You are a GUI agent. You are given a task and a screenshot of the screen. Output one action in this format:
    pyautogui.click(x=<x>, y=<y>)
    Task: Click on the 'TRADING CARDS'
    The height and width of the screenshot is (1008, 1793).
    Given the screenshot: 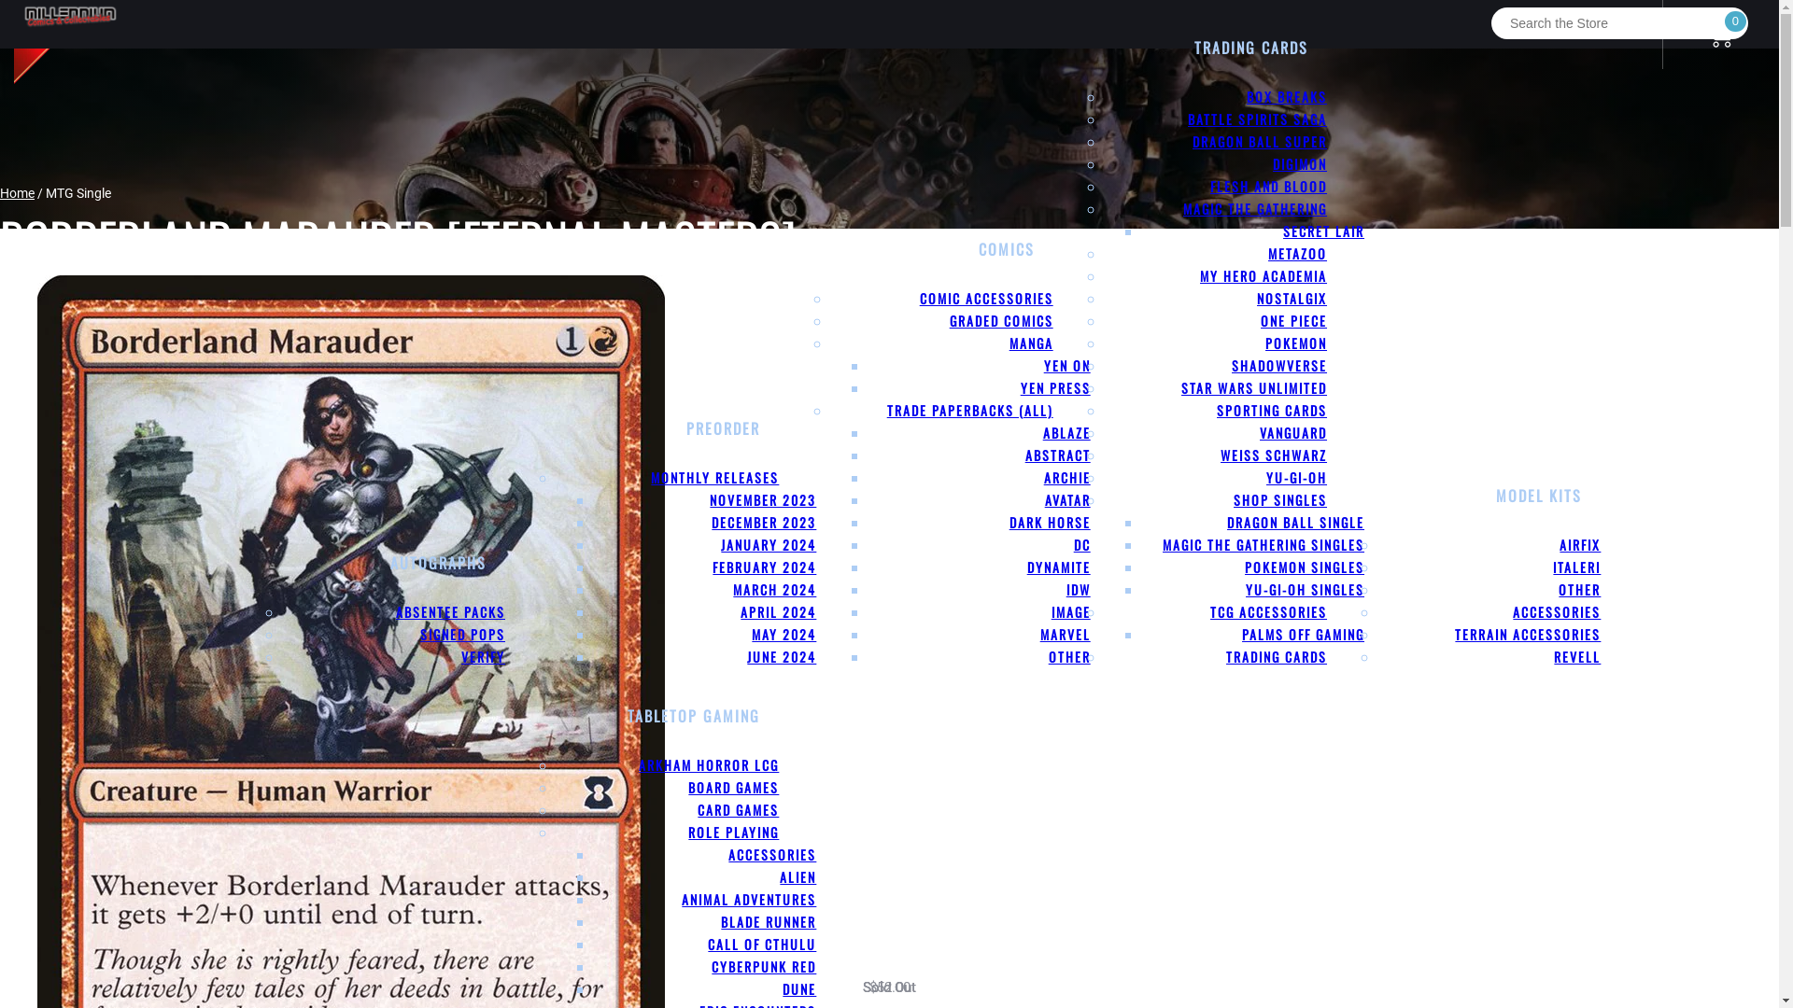 What is the action you would take?
    pyautogui.click(x=1178, y=46)
    